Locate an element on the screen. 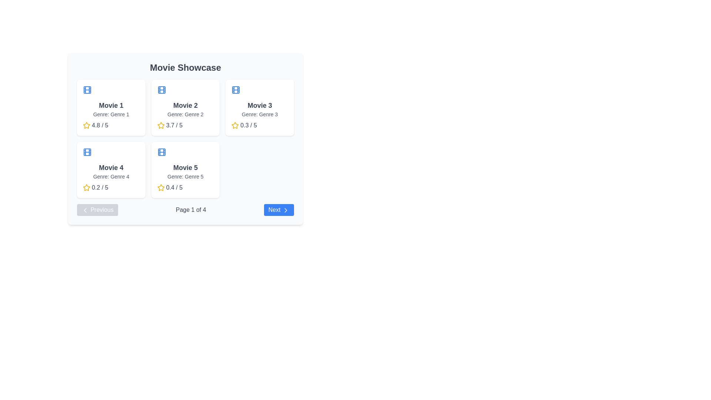 Image resolution: width=711 pixels, height=400 pixels. the yellow star-shaped SVG icon used for rating, located under the 'Movie 3' card in the UI grid is located at coordinates (235, 125).